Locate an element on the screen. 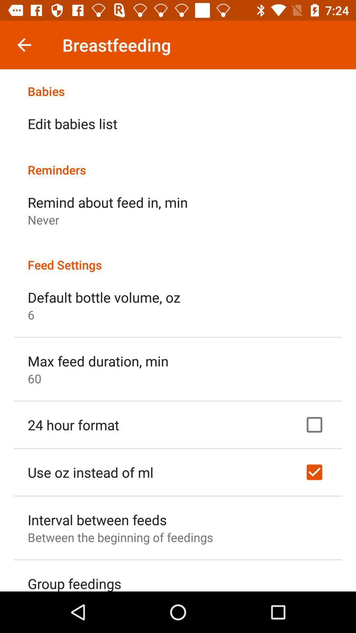 Image resolution: width=356 pixels, height=633 pixels. item below the interval between feeds icon is located at coordinates (120, 537).